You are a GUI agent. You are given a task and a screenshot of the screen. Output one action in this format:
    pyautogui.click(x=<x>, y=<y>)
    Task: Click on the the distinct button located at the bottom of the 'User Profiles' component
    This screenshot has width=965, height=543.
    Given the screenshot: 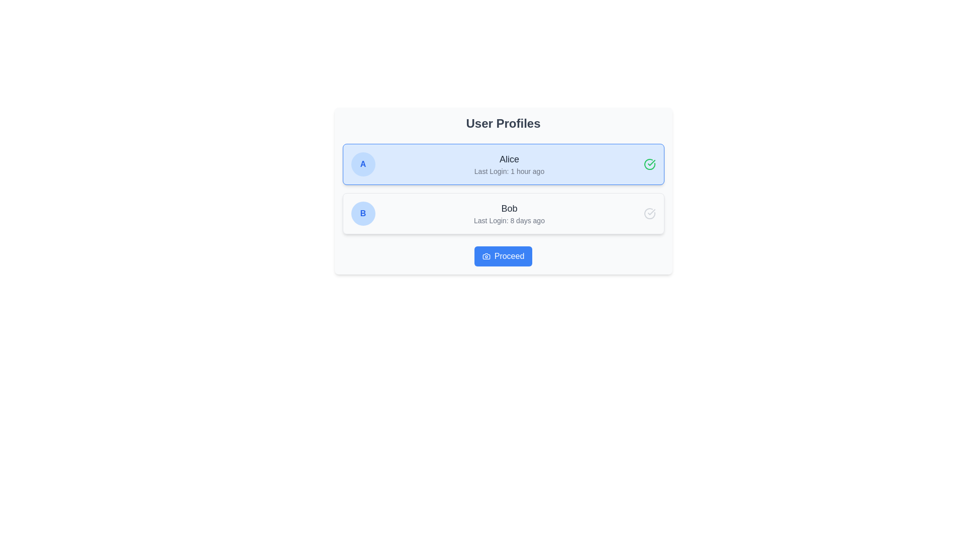 What is the action you would take?
    pyautogui.click(x=503, y=255)
    